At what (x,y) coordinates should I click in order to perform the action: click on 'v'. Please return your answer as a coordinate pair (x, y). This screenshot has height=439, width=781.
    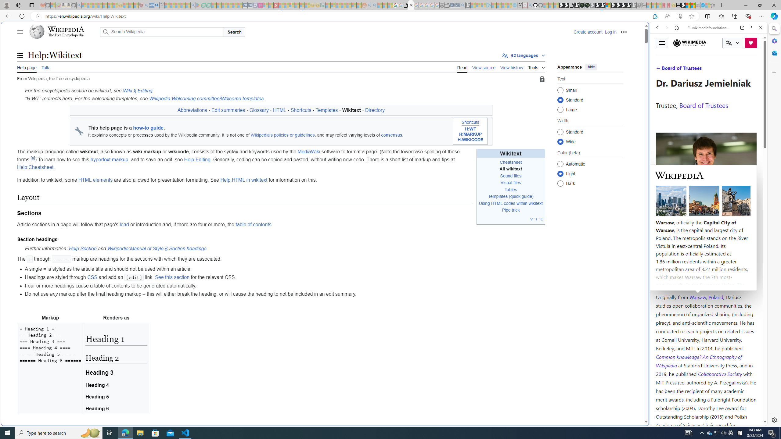
    Looking at the image, I should click on (531, 219).